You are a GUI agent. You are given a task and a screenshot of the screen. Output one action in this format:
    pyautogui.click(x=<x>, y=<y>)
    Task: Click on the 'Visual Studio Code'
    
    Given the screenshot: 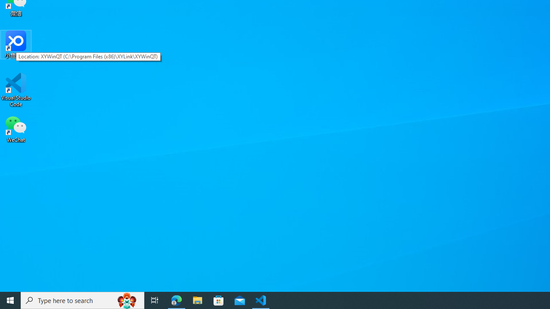 What is the action you would take?
    pyautogui.click(x=16, y=90)
    